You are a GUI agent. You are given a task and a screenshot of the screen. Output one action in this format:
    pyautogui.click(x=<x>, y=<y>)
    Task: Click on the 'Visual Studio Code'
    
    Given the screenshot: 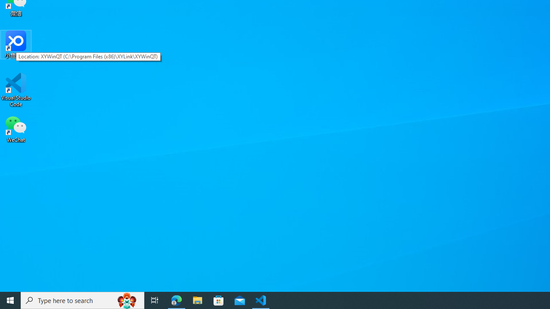 What is the action you would take?
    pyautogui.click(x=16, y=90)
    